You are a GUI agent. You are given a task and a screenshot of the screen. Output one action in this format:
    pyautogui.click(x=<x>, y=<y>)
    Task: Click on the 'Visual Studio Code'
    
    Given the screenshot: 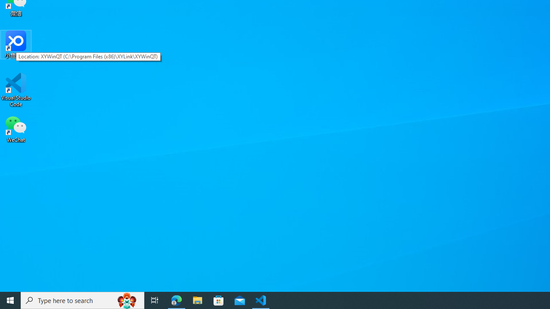 What is the action you would take?
    pyautogui.click(x=16, y=90)
    